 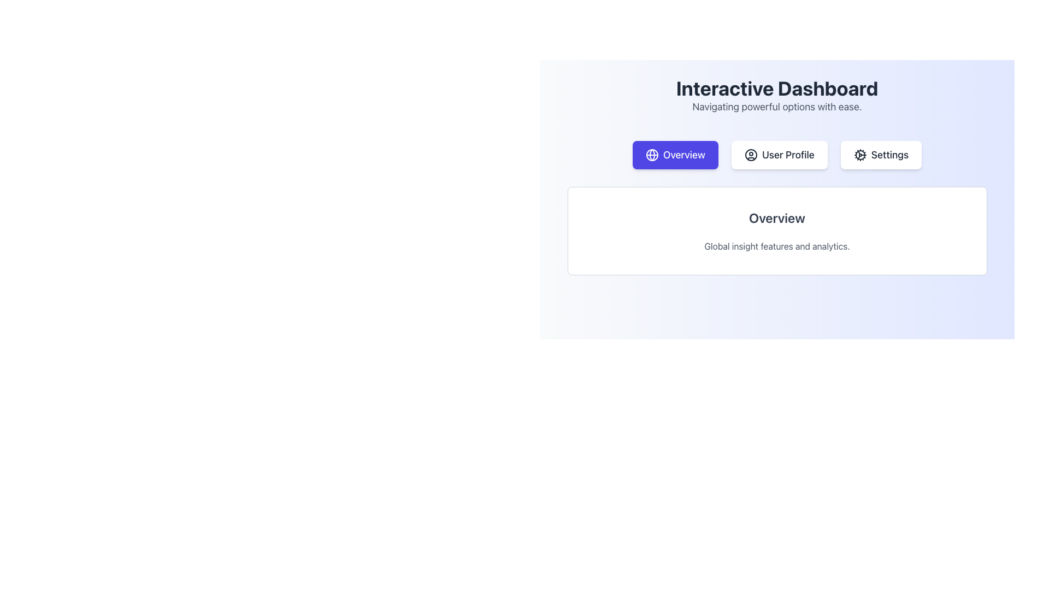 I want to click on the 'User Profile' text label within the button-like structure, so click(x=788, y=155).